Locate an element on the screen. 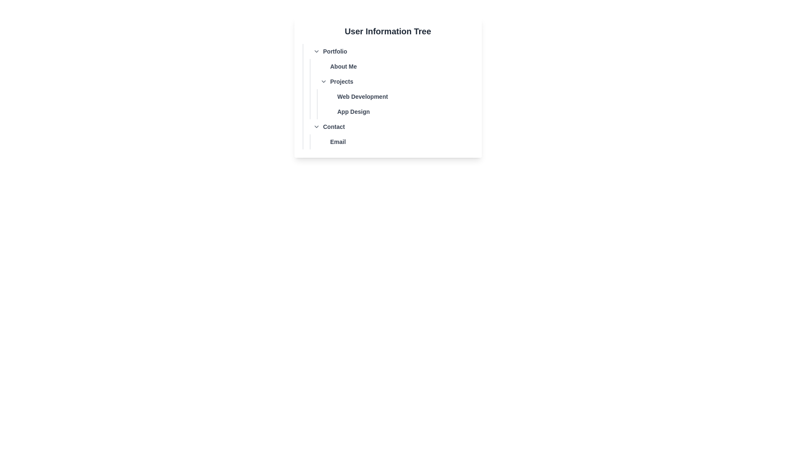  the 'Portfolio' label in the collapsible menu under the 'User Information Tree' header, which is styled with a smaller font size, gray color, and bold font weight is located at coordinates (335, 51).